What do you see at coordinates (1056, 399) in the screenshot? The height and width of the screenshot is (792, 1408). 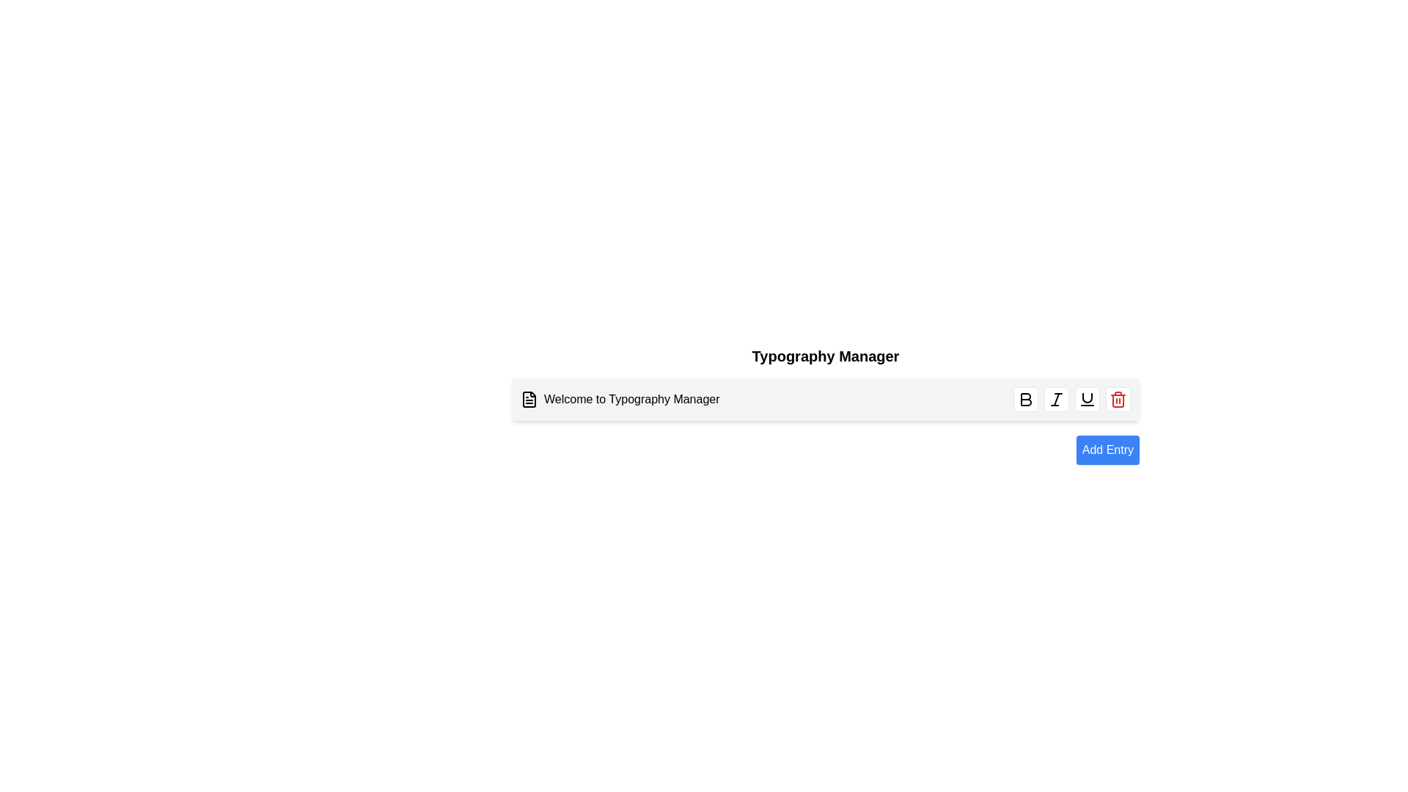 I see `the italic formatting button, which is the second icon in the formatting toolbar located below the 'Welcome to Typography Manager' text` at bounding box center [1056, 399].